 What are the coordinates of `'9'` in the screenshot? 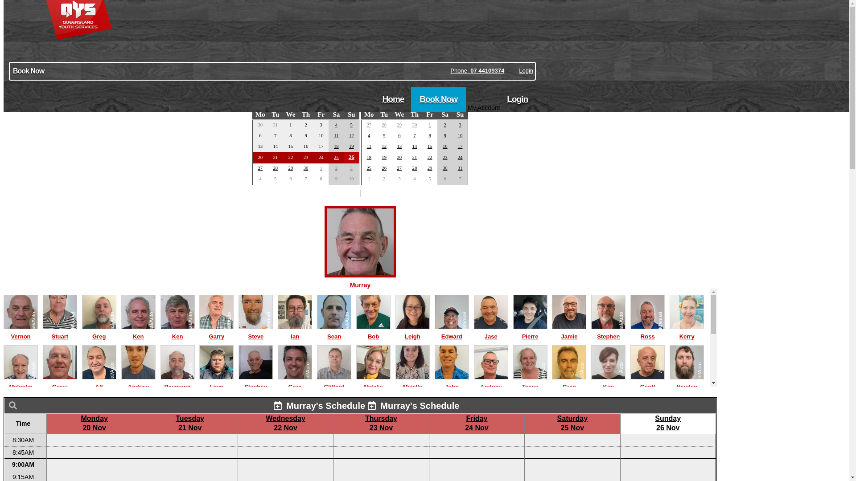 It's located at (444, 135).